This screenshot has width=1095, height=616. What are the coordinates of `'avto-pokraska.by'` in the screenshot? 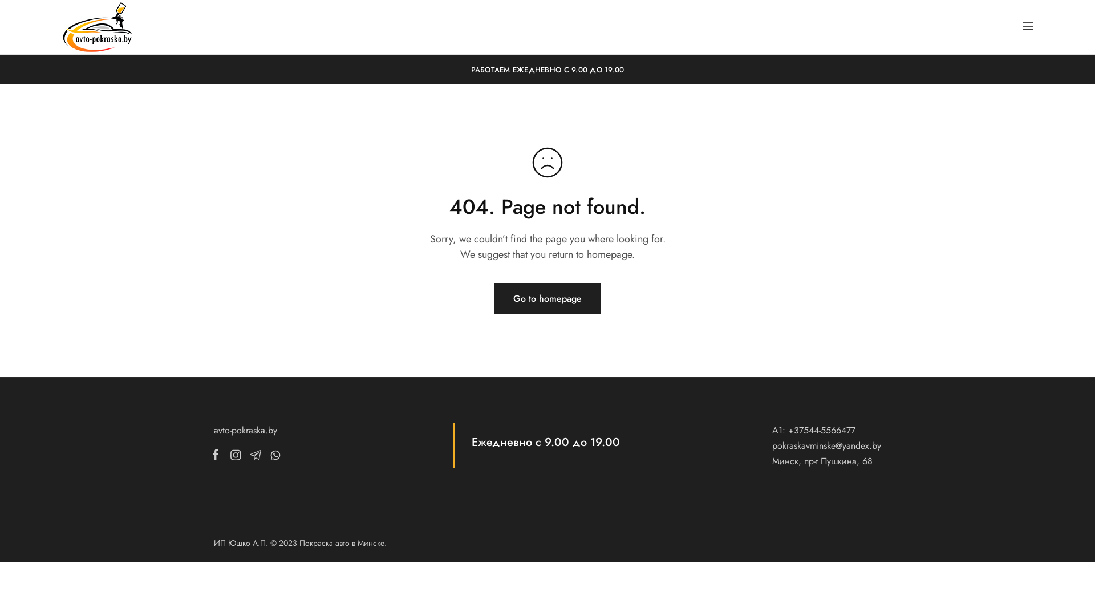 It's located at (245, 430).